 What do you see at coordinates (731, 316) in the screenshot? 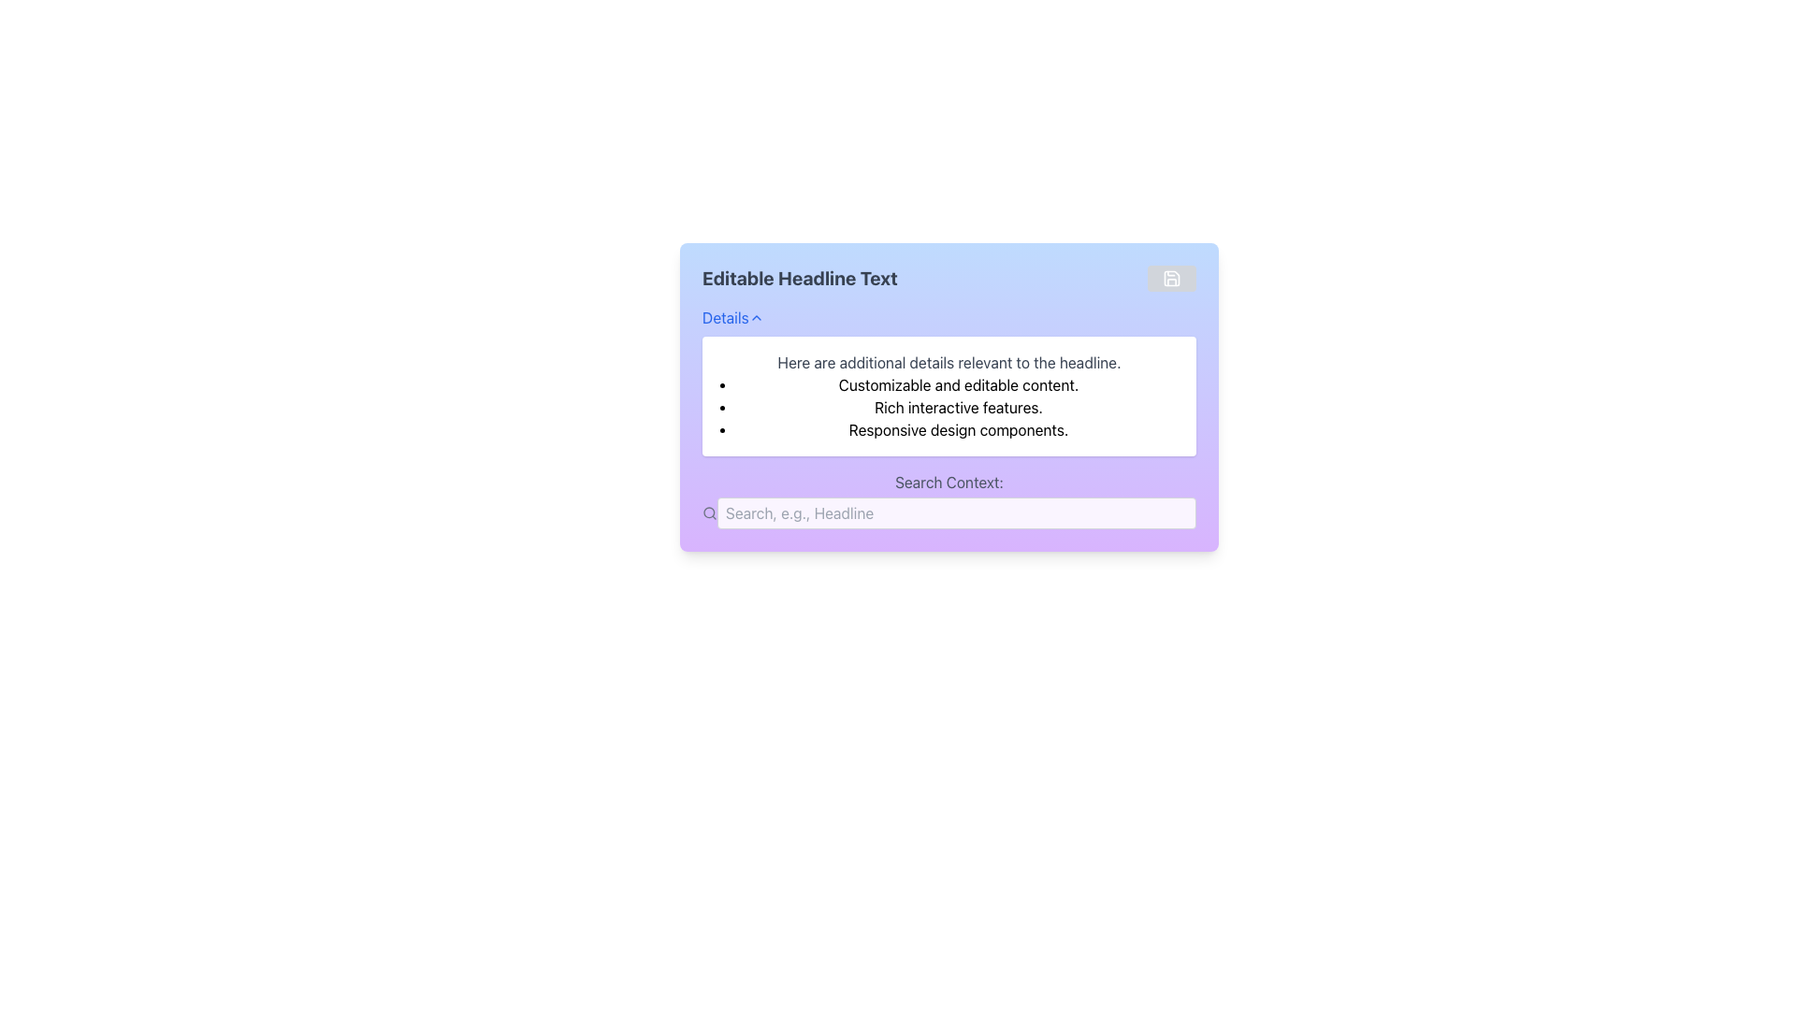
I see `the 'Details' button, which is styled as a blue hyperlink with an upward-pointing chevron icon, and press the Enter key to interact with it` at bounding box center [731, 316].